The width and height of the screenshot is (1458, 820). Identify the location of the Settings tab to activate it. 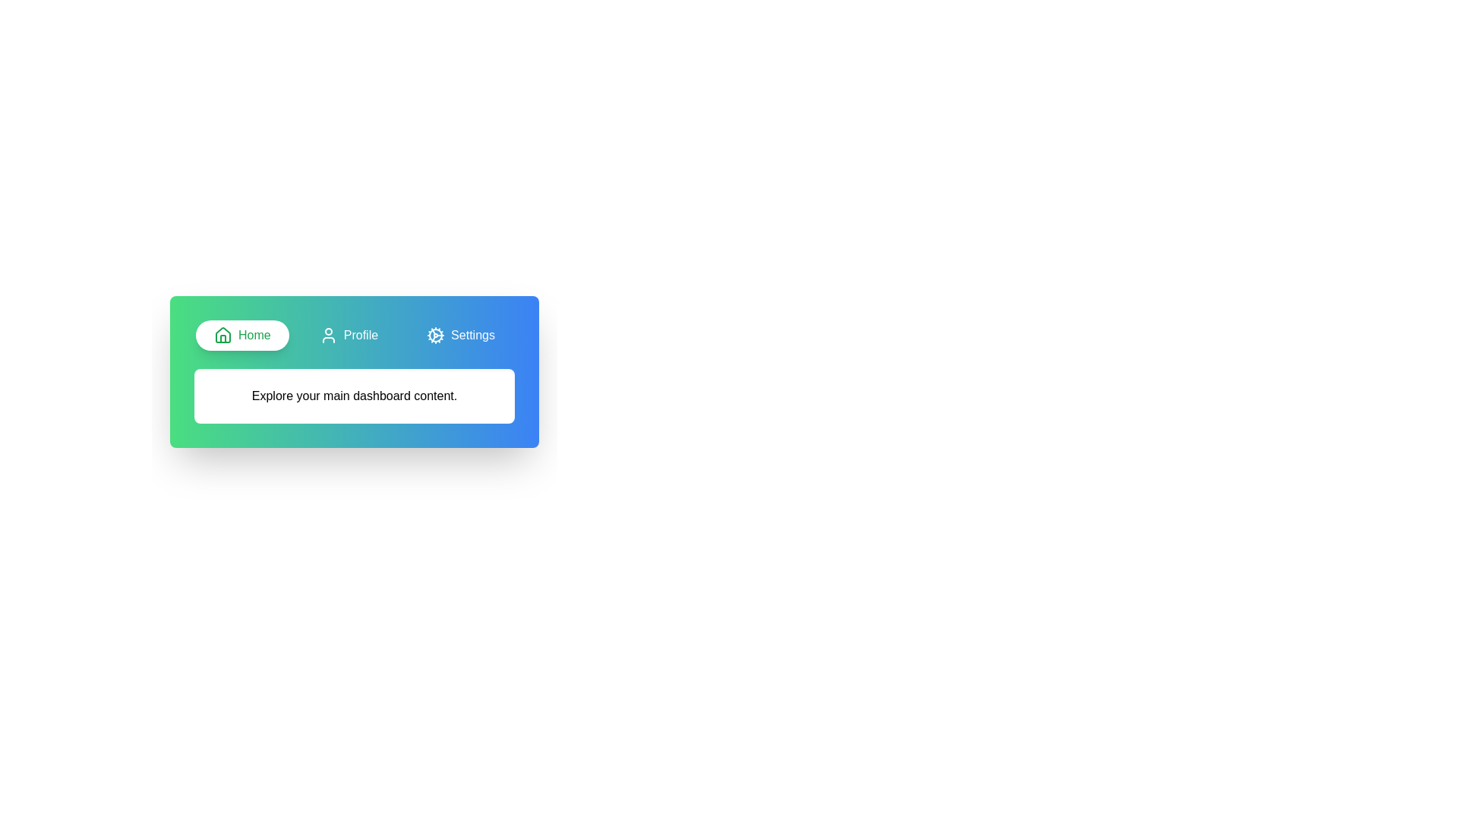
(459, 335).